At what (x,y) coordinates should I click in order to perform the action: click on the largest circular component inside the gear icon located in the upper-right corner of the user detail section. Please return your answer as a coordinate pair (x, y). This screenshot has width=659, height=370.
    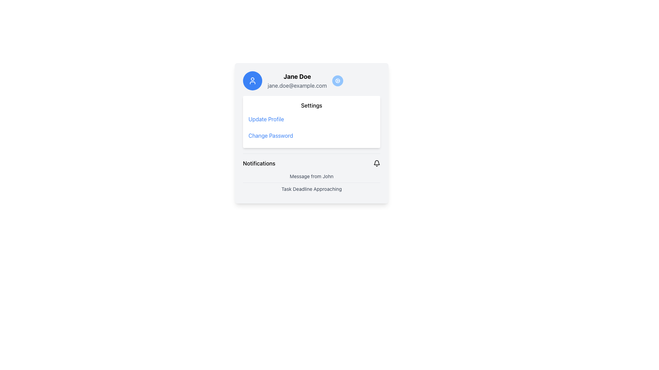
    Looking at the image, I should click on (338, 80).